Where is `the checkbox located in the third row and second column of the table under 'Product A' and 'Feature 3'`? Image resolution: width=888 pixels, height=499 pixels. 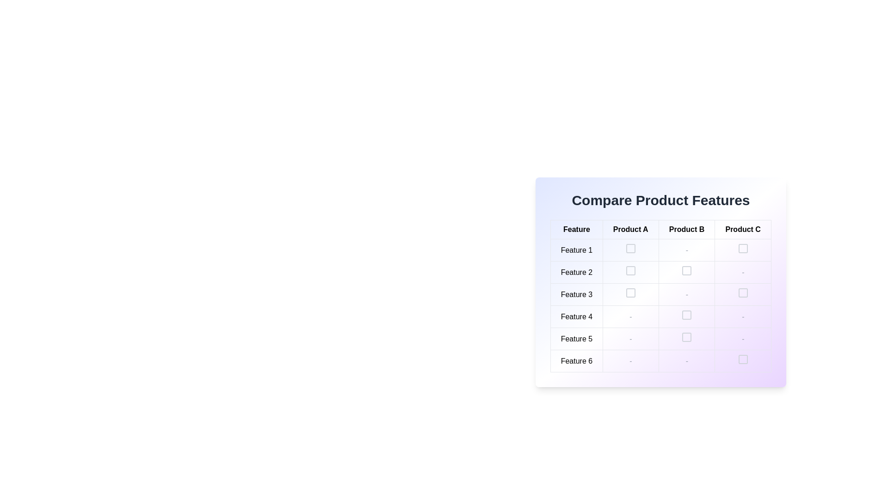
the checkbox located in the third row and second column of the table under 'Product A' and 'Feature 3' is located at coordinates (630, 292).